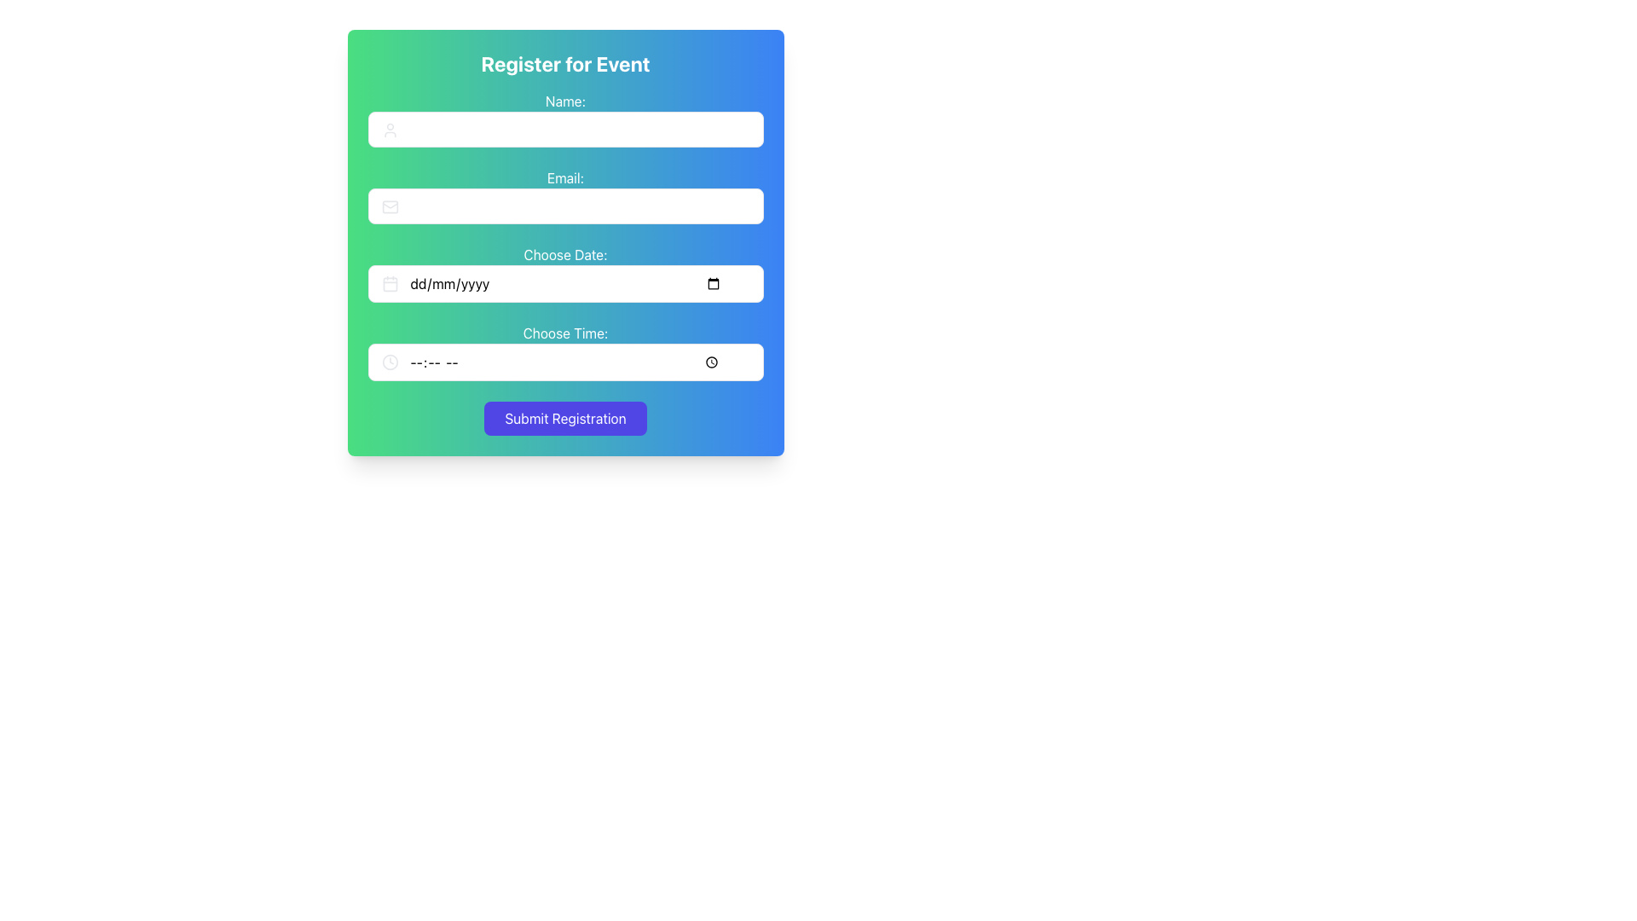  Describe the element at coordinates (565, 418) in the screenshot. I see `the prominent 'Submit Registration' button with a rounded rectangular shape and a gradient blue background` at that location.